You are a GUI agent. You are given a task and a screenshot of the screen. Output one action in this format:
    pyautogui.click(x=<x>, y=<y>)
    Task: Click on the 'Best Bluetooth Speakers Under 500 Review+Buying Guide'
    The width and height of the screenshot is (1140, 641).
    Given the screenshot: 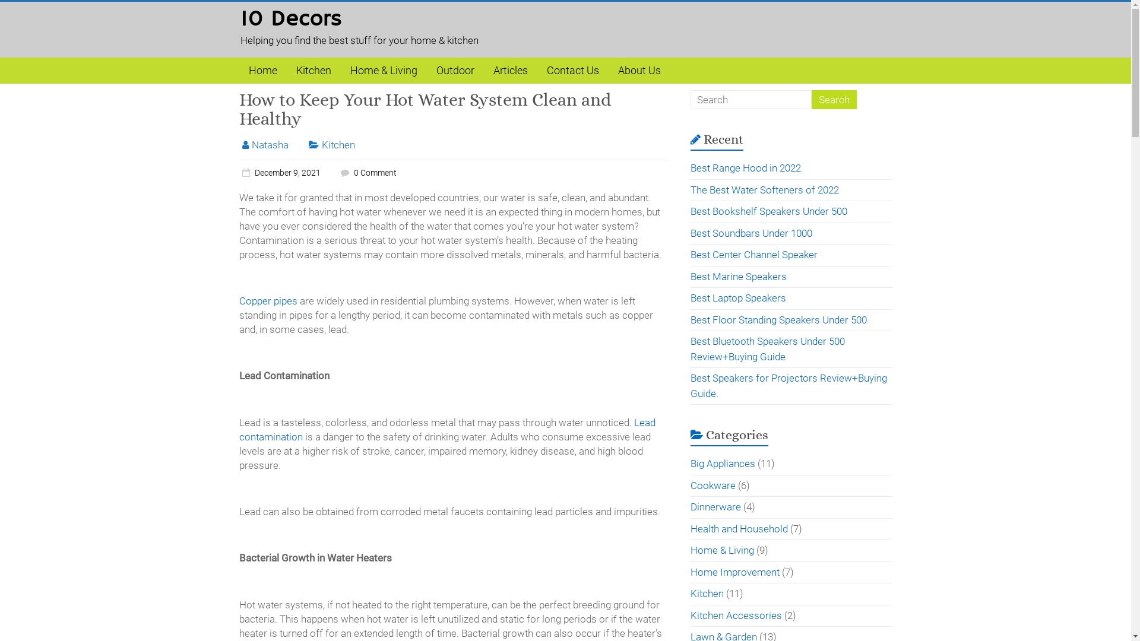 What is the action you would take?
    pyautogui.click(x=690, y=348)
    